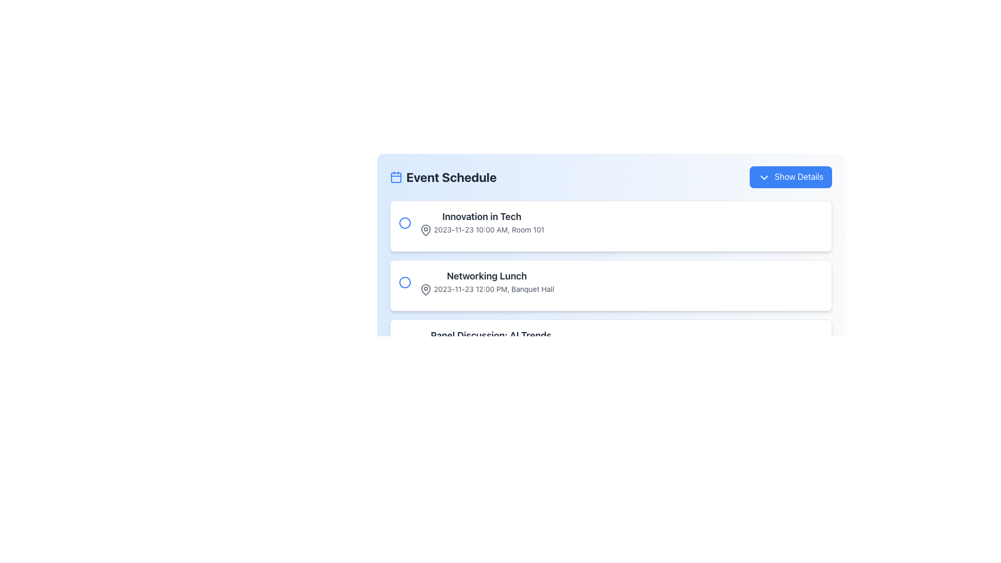 The image size is (1001, 563). I want to click on the Text Label element displaying 'Panel Discussion: AI Trends', which is located beneath 'Networking Lunch' in the Event Schedule section, so click(490, 341).